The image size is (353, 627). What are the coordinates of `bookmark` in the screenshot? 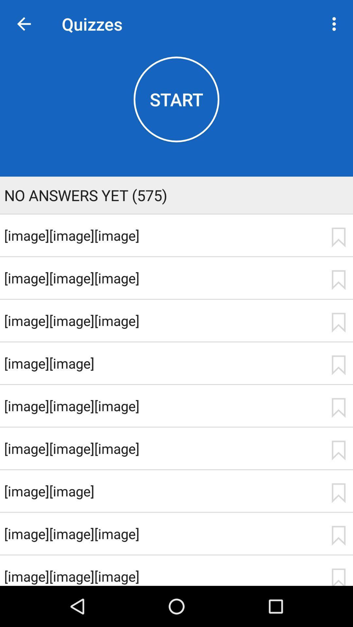 It's located at (338, 365).